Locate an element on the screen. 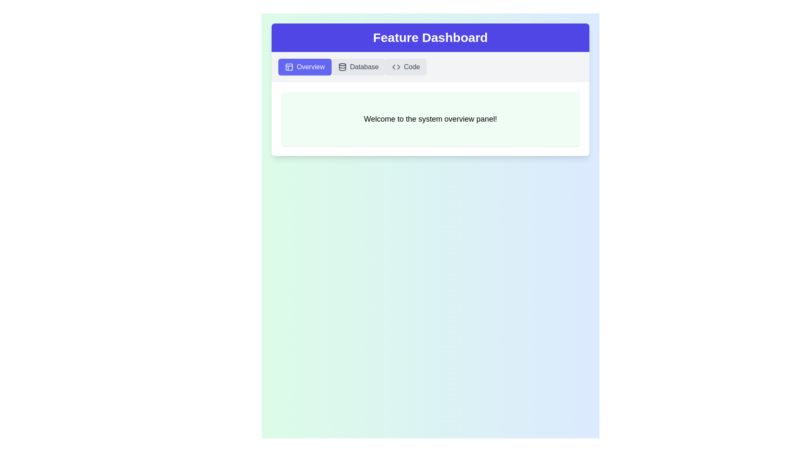  the second button in the row, which navigates to the 'Database' section is located at coordinates (359, 66).